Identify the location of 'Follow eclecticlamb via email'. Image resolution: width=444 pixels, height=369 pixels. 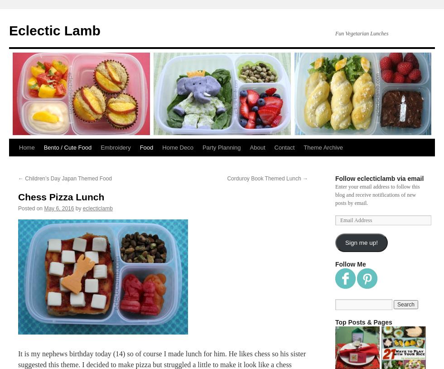
(379, 178).